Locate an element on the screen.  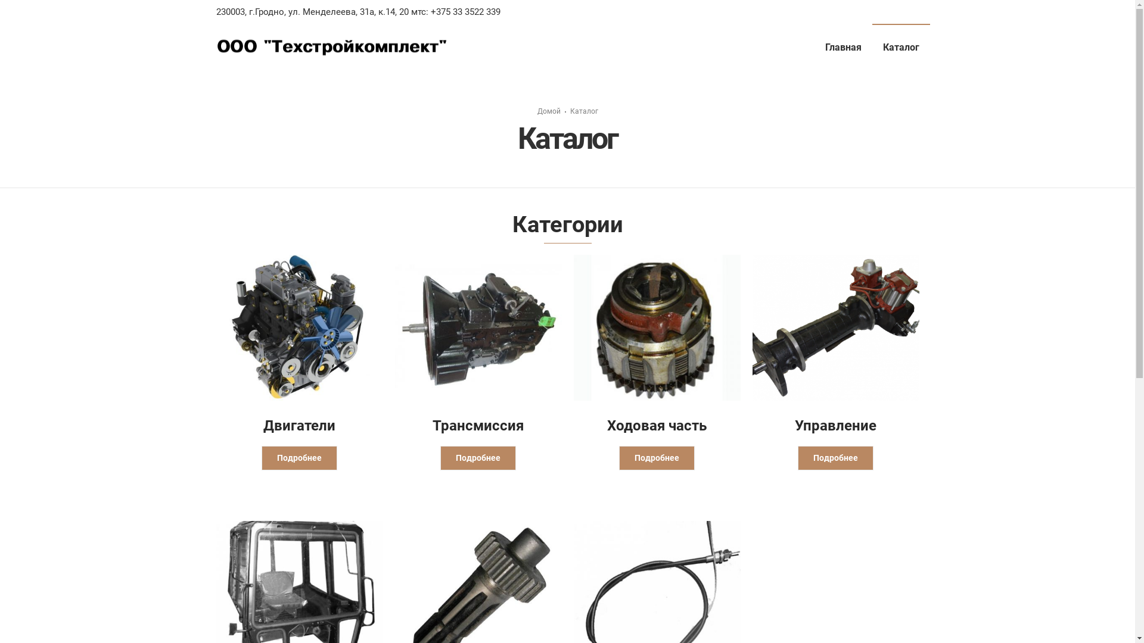
'+375 33 3522 339' is located at coordinates (428, 11).